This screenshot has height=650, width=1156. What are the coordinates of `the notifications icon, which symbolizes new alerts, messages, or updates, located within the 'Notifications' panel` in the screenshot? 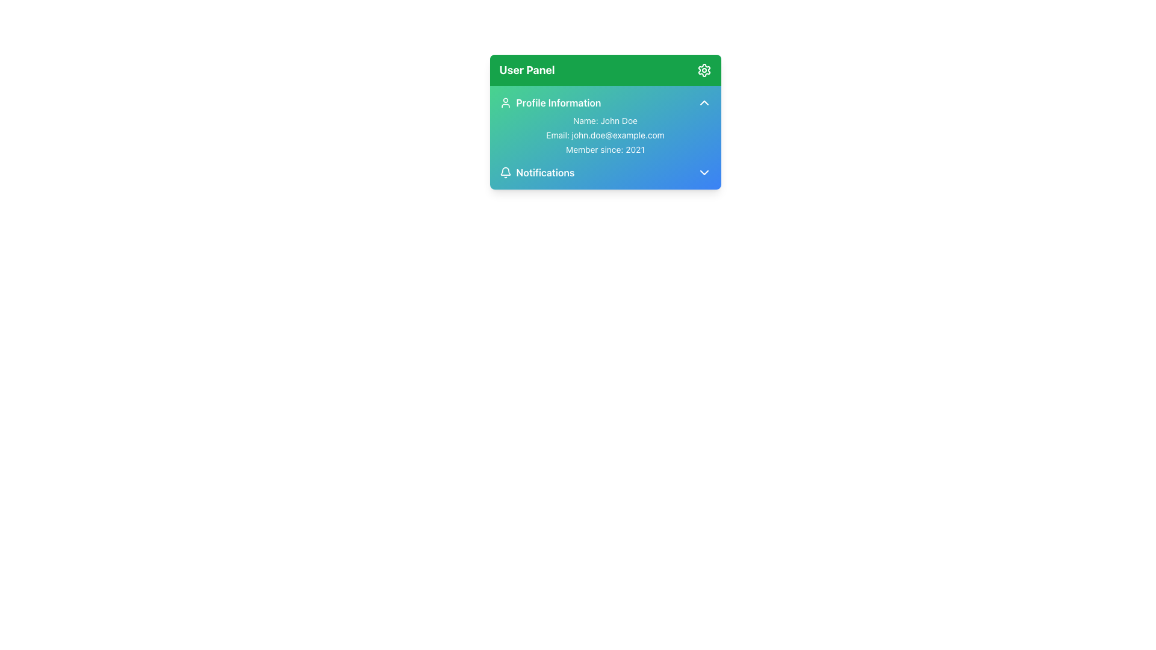 It's located at (505, 172).